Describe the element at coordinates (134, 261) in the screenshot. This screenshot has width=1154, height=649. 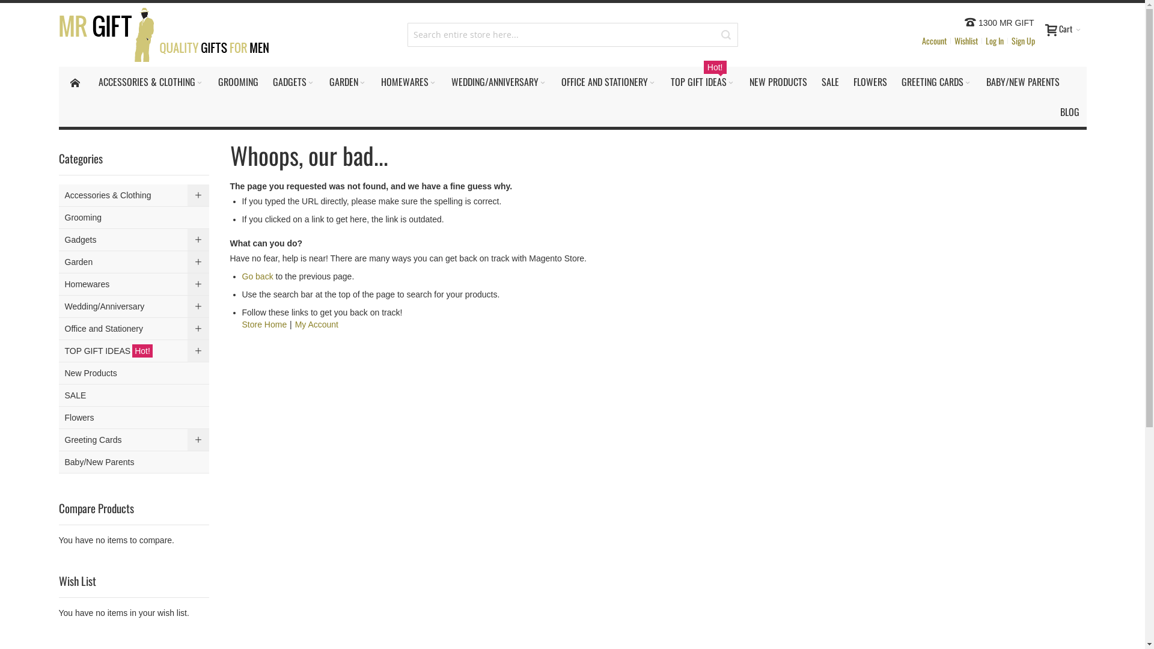
I see `'Garden'` at that location.